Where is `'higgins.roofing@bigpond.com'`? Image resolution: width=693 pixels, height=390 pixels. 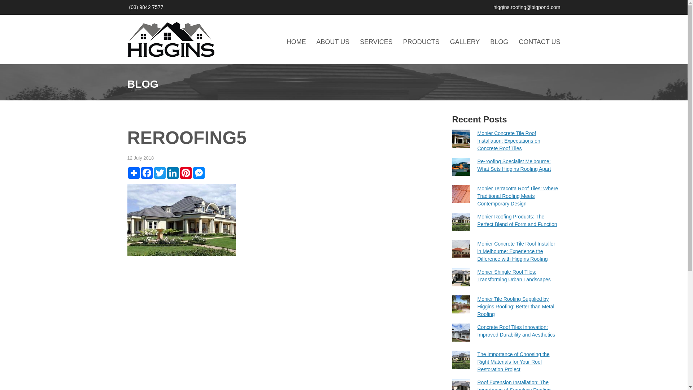
'higgins.roofing@bigpond.com' is located at coordinates (527, 7).